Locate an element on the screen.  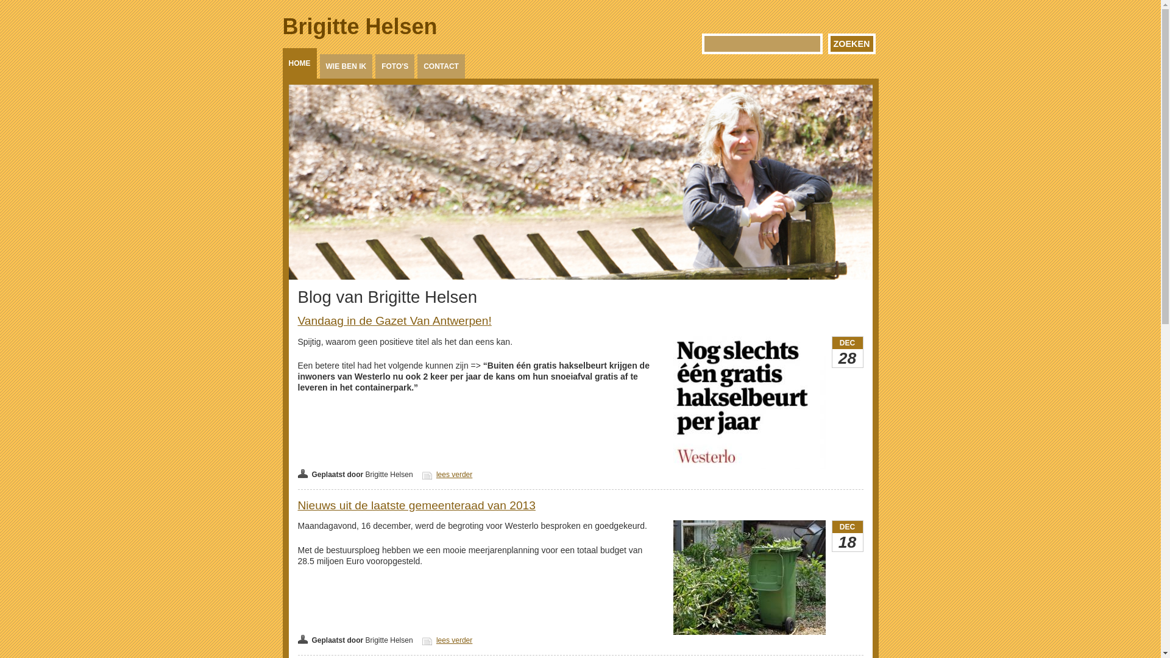
'CONTACT' is located at coordinates (417, 66).